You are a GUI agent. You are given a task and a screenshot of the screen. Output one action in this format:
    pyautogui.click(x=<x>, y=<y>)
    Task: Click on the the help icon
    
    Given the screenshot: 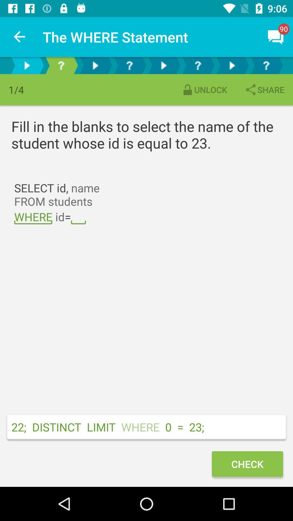 What is the action you would take?
    pyautogui.click(x=61, y=65)
    